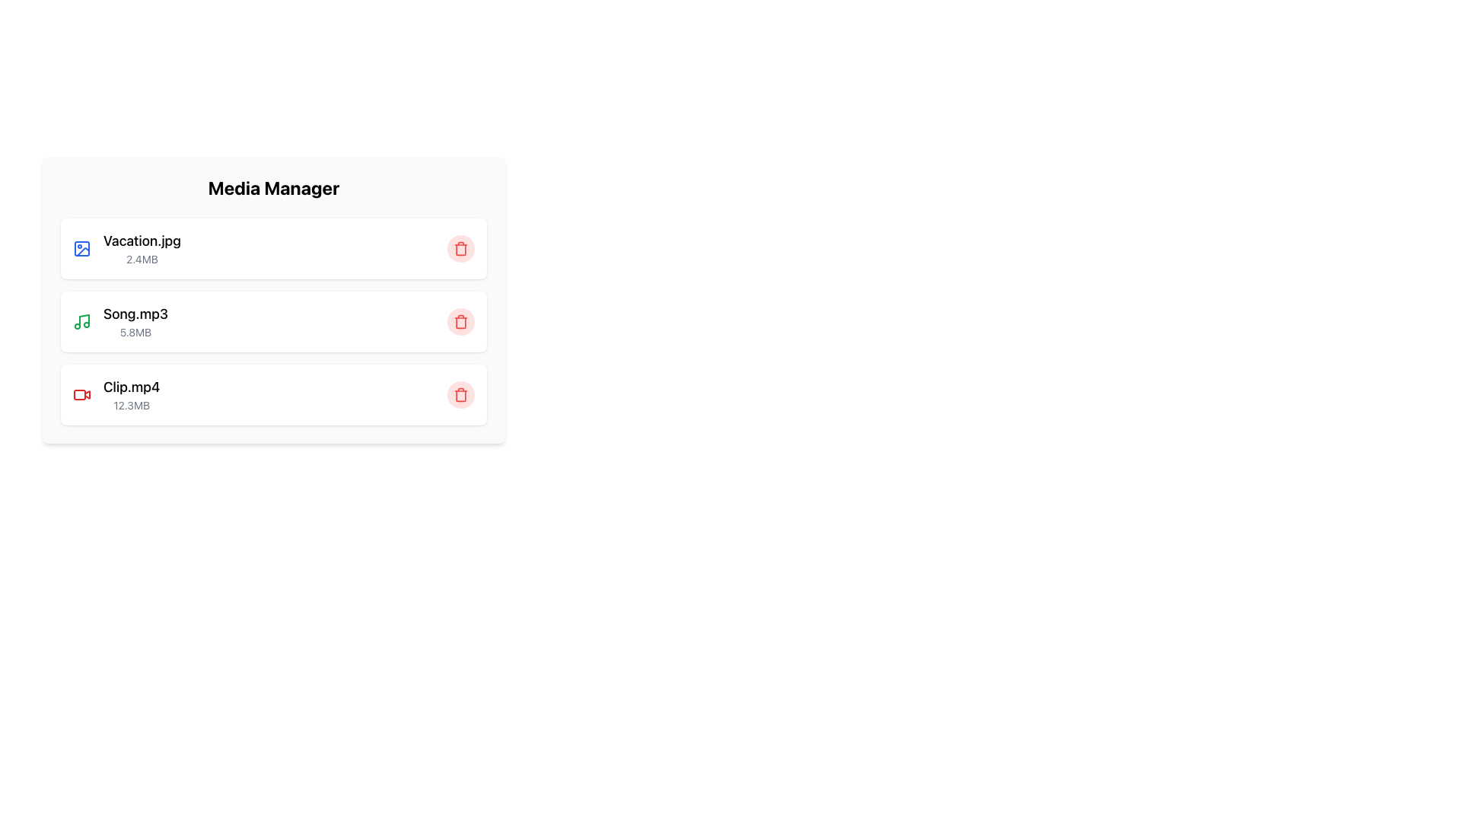  I want to click on the second file list item, which displays 'Song.mp3' and a red trash icon, to show the context menu, so click(274, 321).